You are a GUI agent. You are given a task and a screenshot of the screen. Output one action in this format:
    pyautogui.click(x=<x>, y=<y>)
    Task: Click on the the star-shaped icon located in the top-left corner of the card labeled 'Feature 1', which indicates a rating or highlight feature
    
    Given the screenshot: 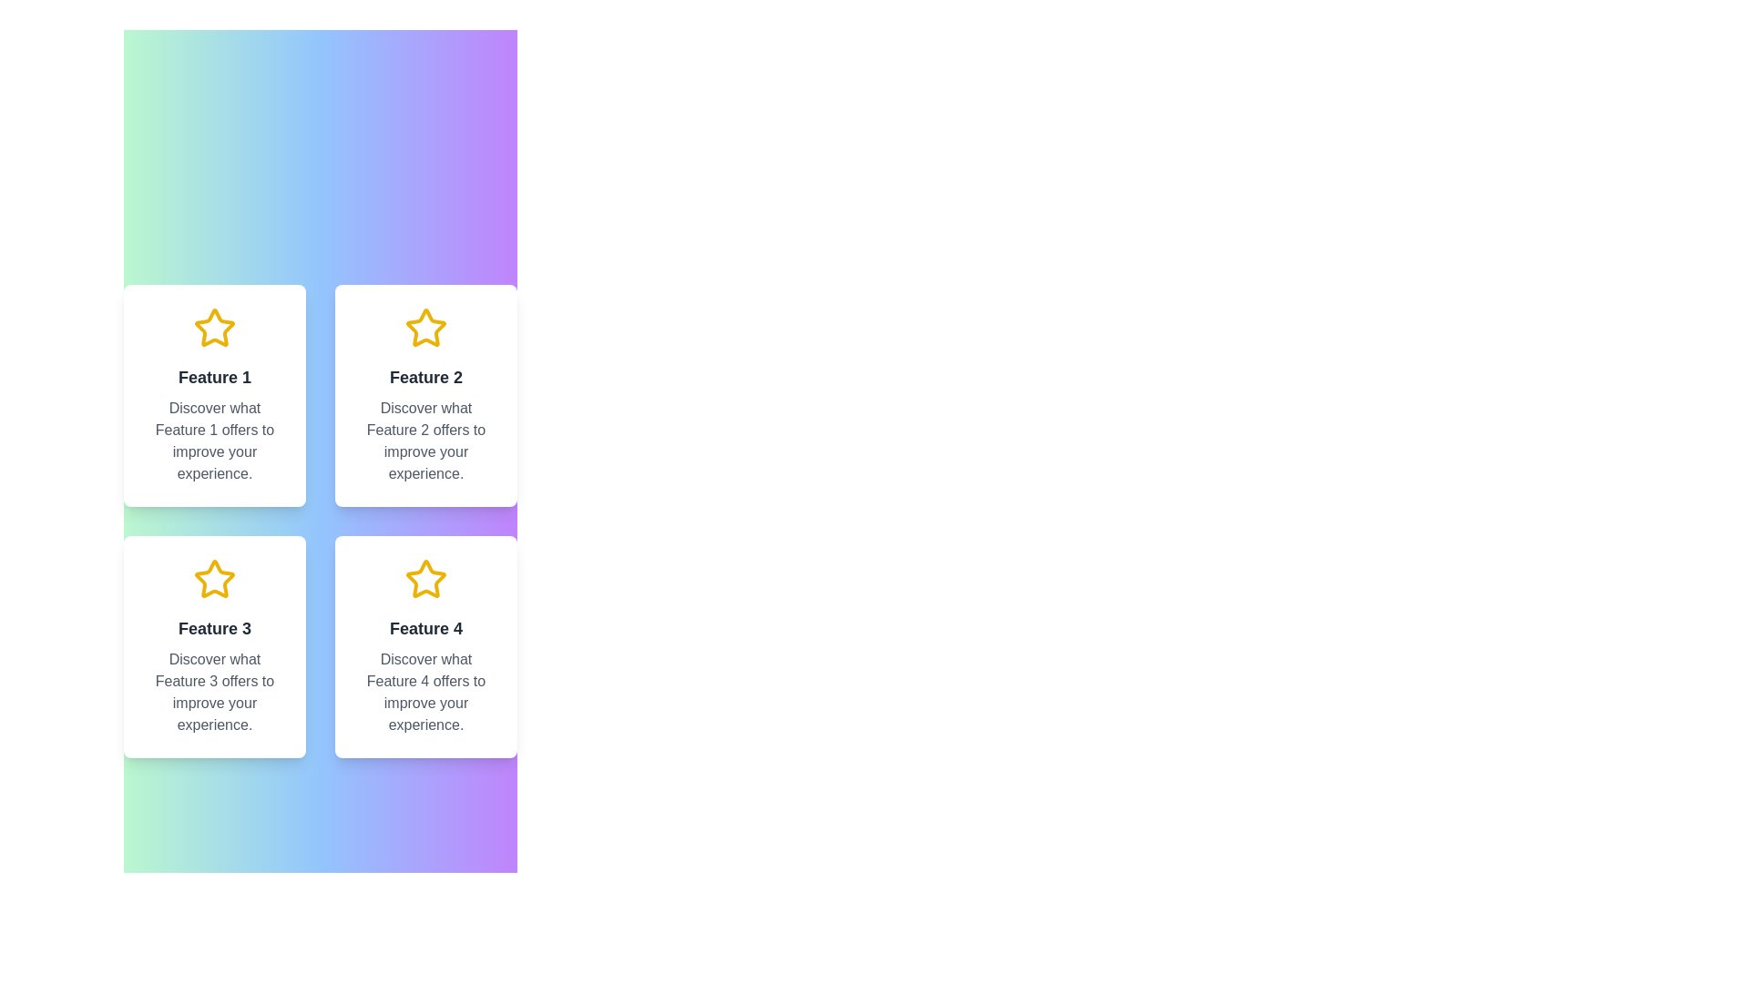 What is the action you would take?
    pyautogui.click(x=214, y=328)
    